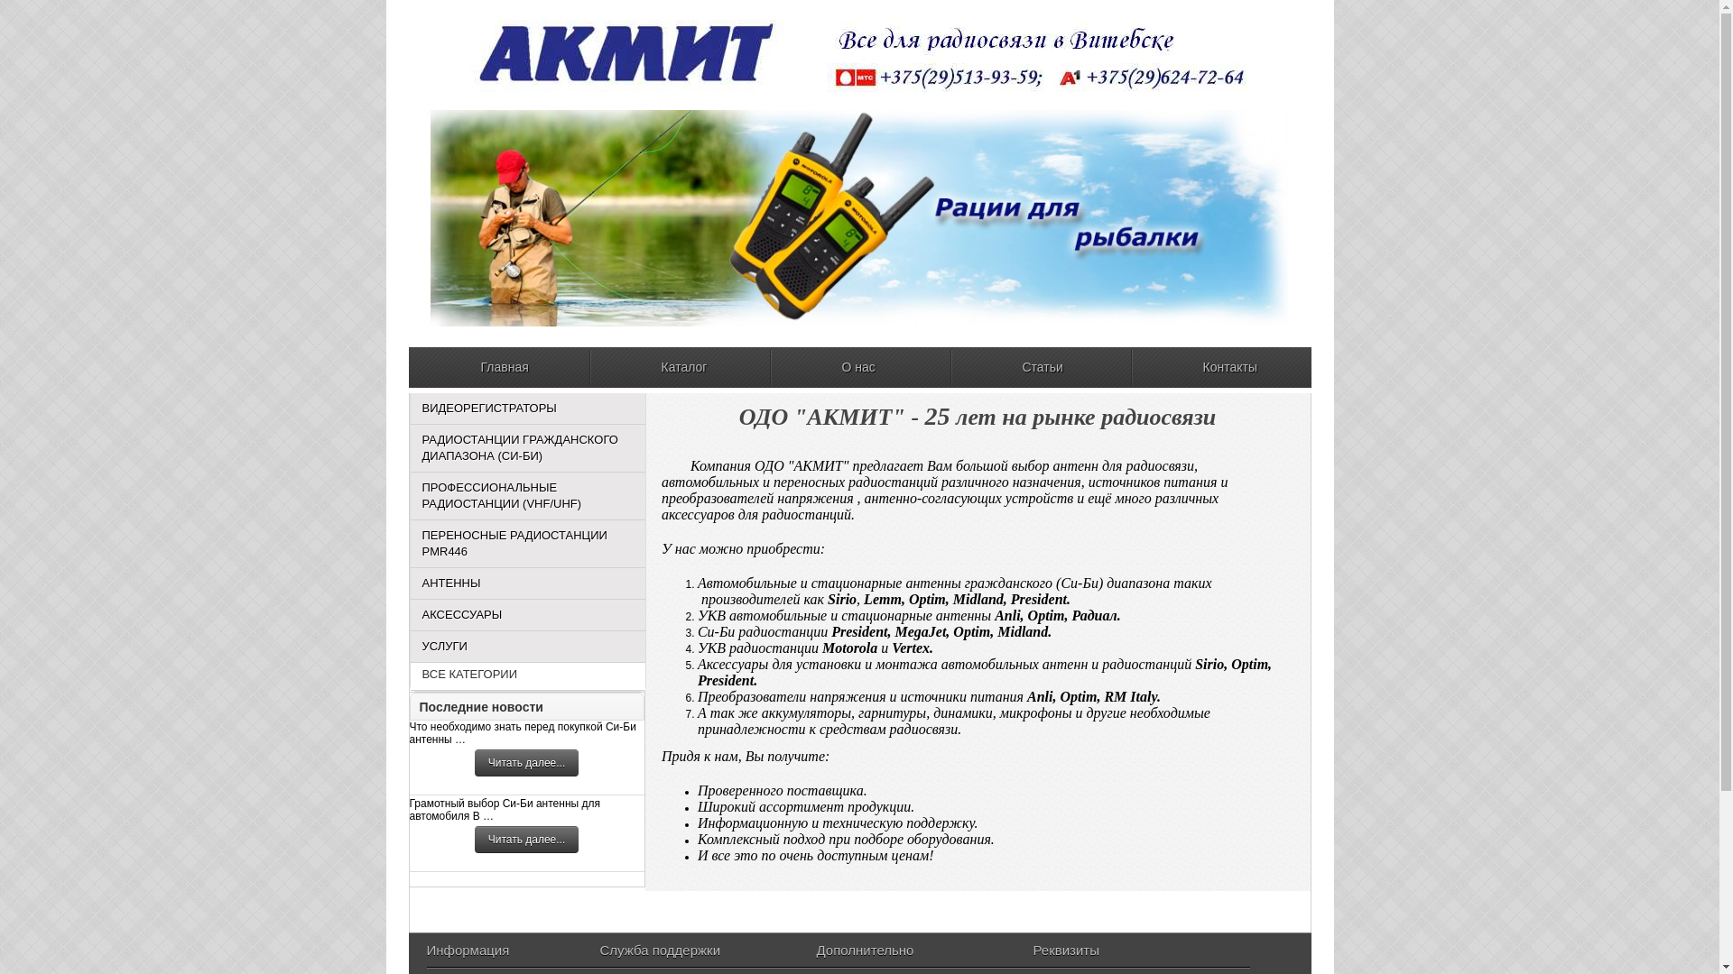 The width and height of the screenshot is (1733, 974). Describe the element at coordinates (858, 217) in the screenshot. I see `'rybalka'` at that location.